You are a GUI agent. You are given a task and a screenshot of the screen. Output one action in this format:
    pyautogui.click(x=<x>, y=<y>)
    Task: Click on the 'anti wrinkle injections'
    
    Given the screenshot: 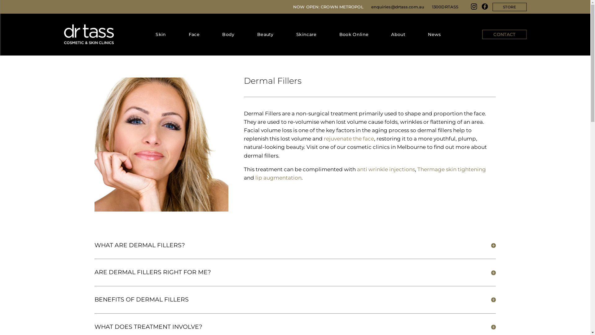 What is the action you would take?
    pyautogui.click(x=386, y=169)
    